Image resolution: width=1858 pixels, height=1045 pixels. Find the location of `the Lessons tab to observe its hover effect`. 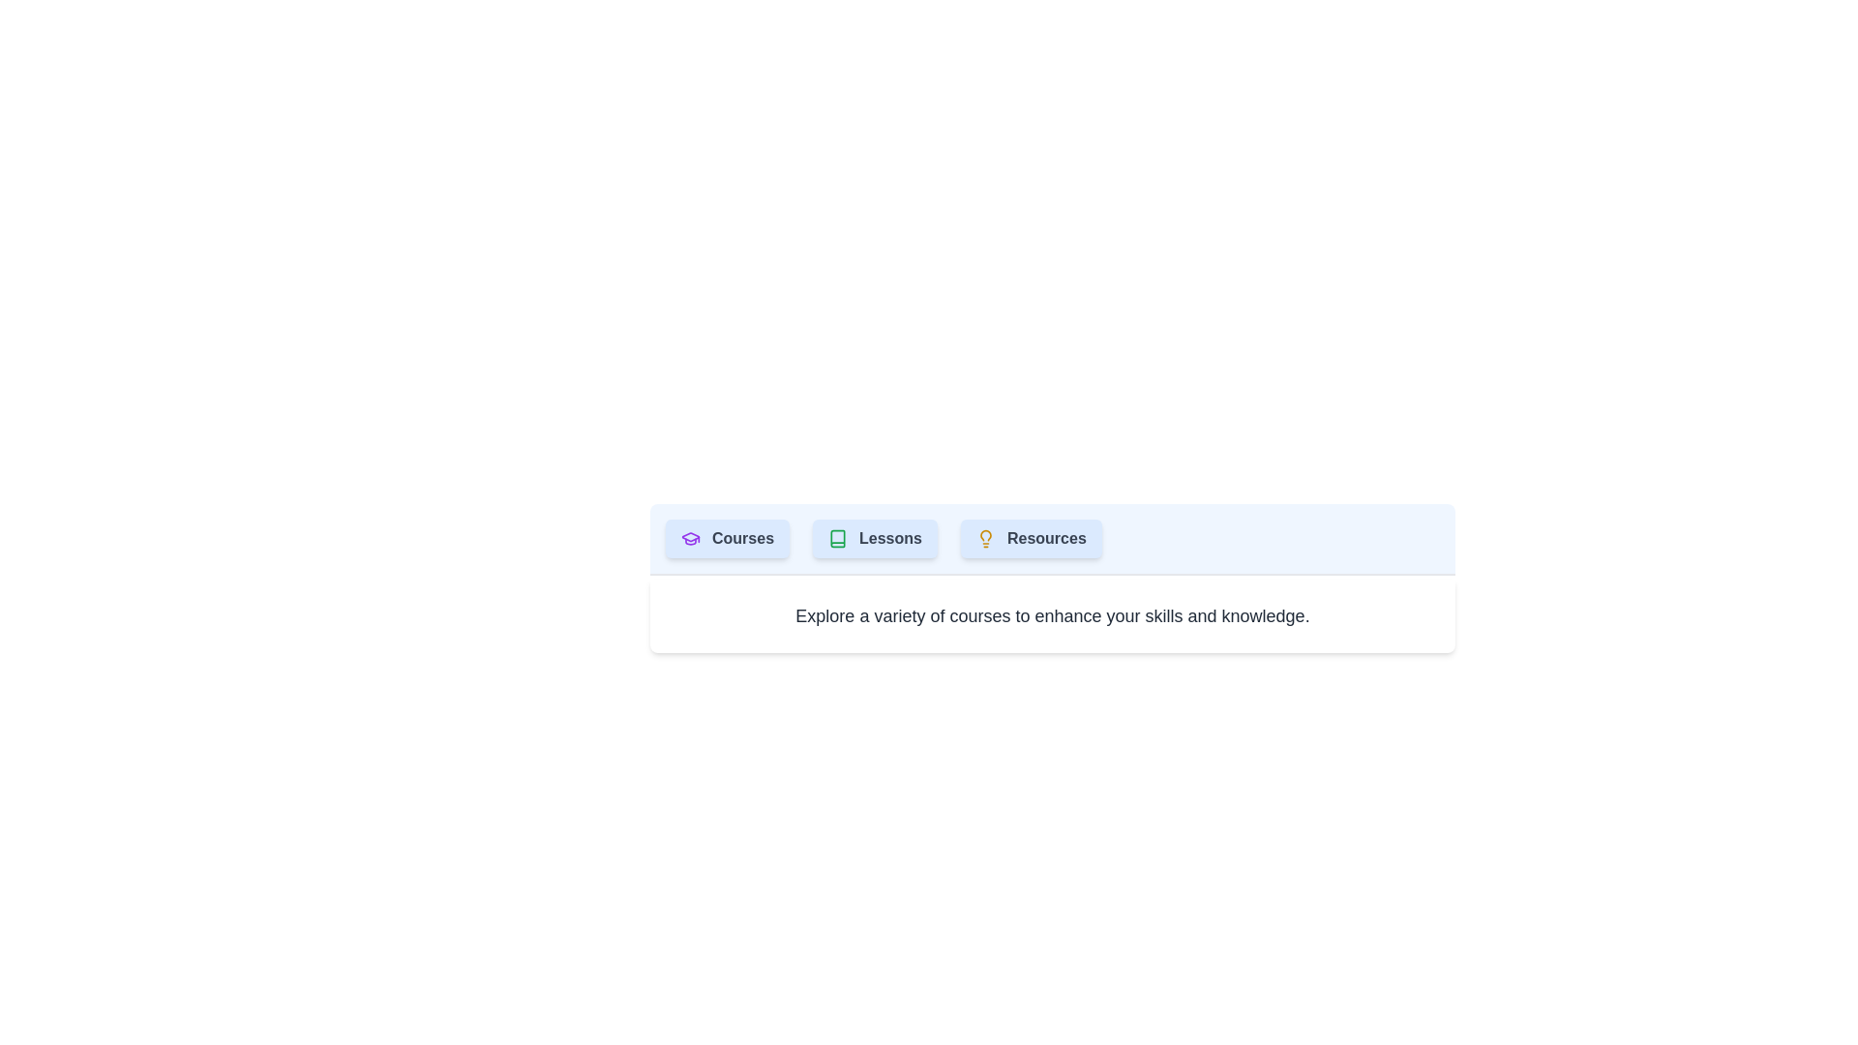

the Lessons tab to observe its hover effect is located at coordinates (873, 538).